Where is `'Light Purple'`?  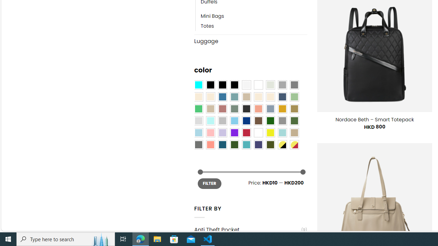
'Light Purple' is located at coordinates (222, 133).